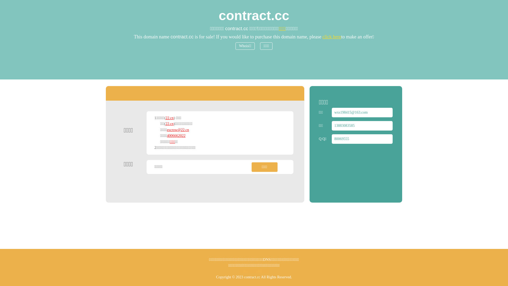  I want to click on 'escrow@22.cn', so click(178, 130).